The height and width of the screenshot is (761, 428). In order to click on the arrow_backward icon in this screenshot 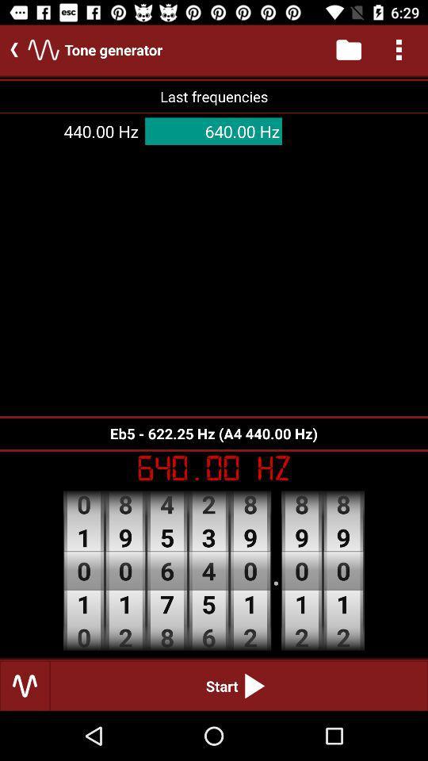, I will do `click(10, 49)`.